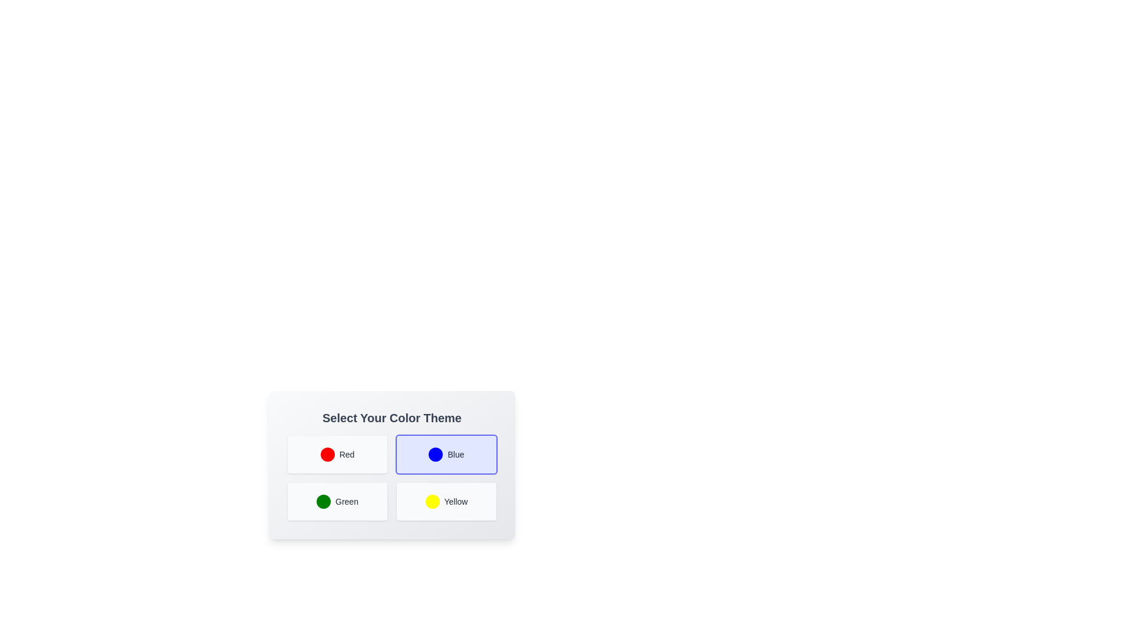  What do you see at coordinates (446, 453) in the screenshot?
I see `the button corresponding to the theme Blue to select it` at bounding box center [446, 453].